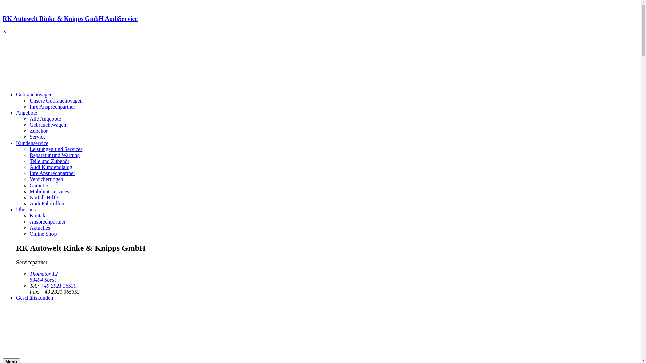  I want to click on 'Kundenservice', so click(32, 143).